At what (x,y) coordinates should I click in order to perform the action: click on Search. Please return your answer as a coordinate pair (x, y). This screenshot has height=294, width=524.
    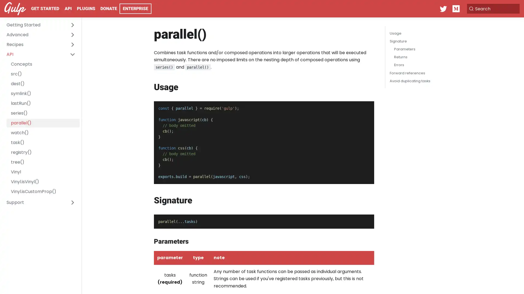
    Looking at the image, I should click on (492, 8).